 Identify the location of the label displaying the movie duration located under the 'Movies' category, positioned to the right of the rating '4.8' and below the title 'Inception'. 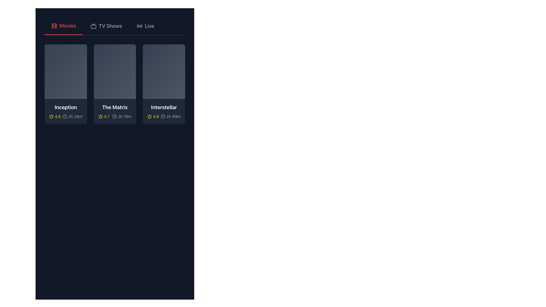
(72, 116).